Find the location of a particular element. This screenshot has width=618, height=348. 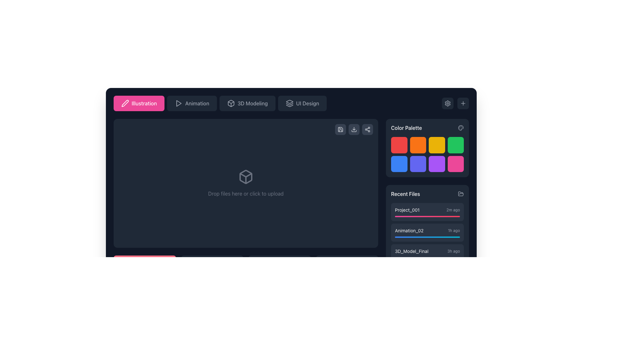

the second item is located at coordinates (427, 232).